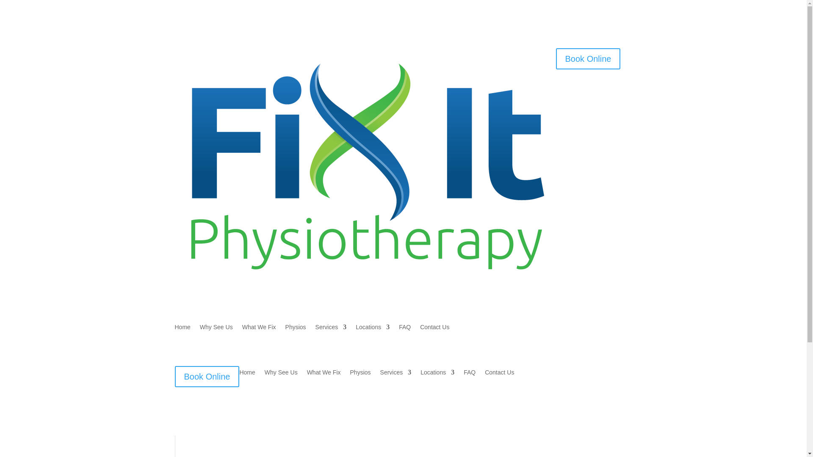  Describe the element at coordinates (587, 58) in the screenshot. I see `'Book Online'` at that location.